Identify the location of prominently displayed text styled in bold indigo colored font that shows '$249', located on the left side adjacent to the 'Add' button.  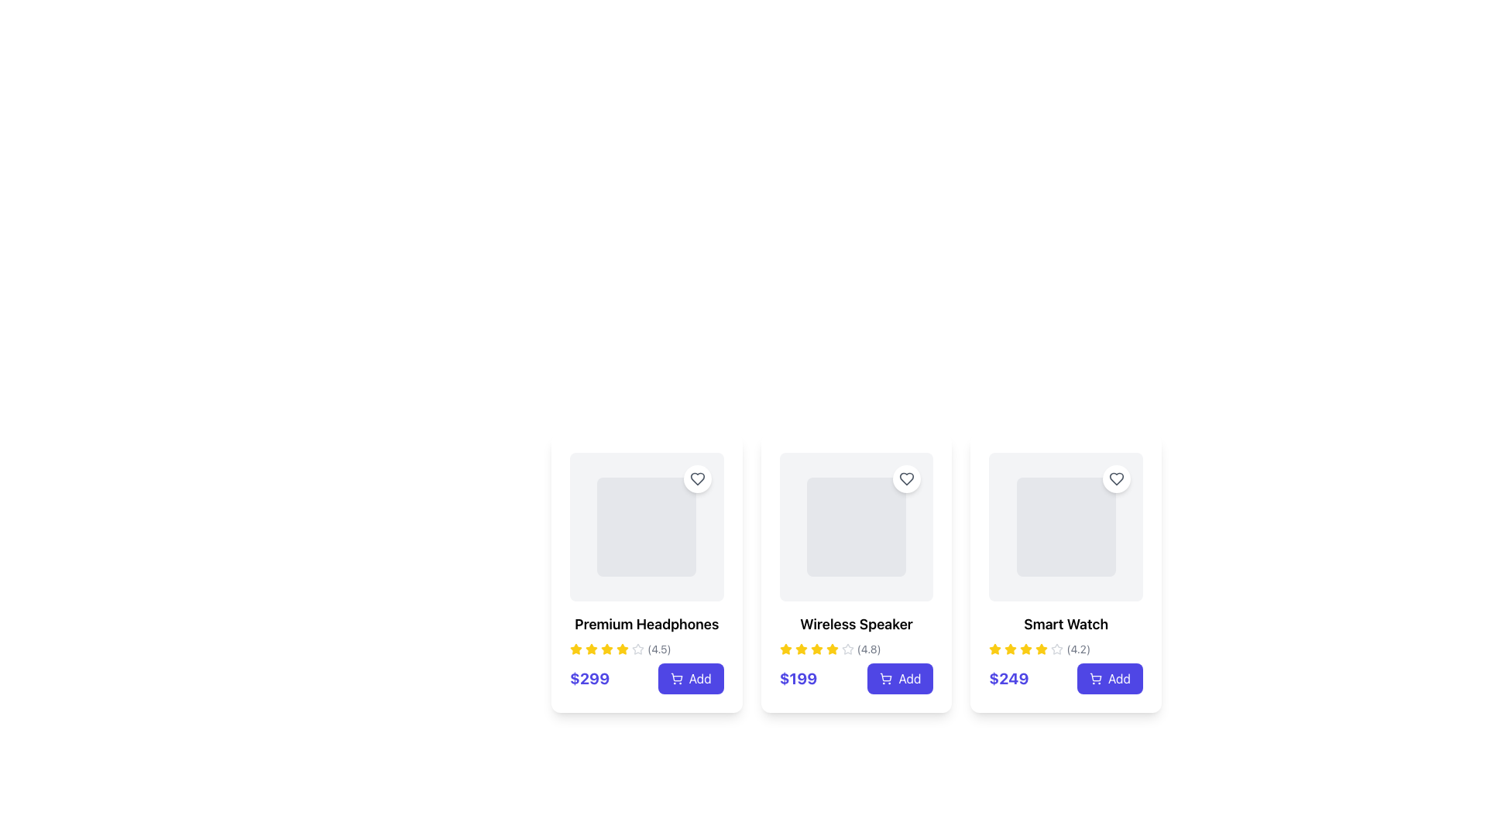
(1008, 677).